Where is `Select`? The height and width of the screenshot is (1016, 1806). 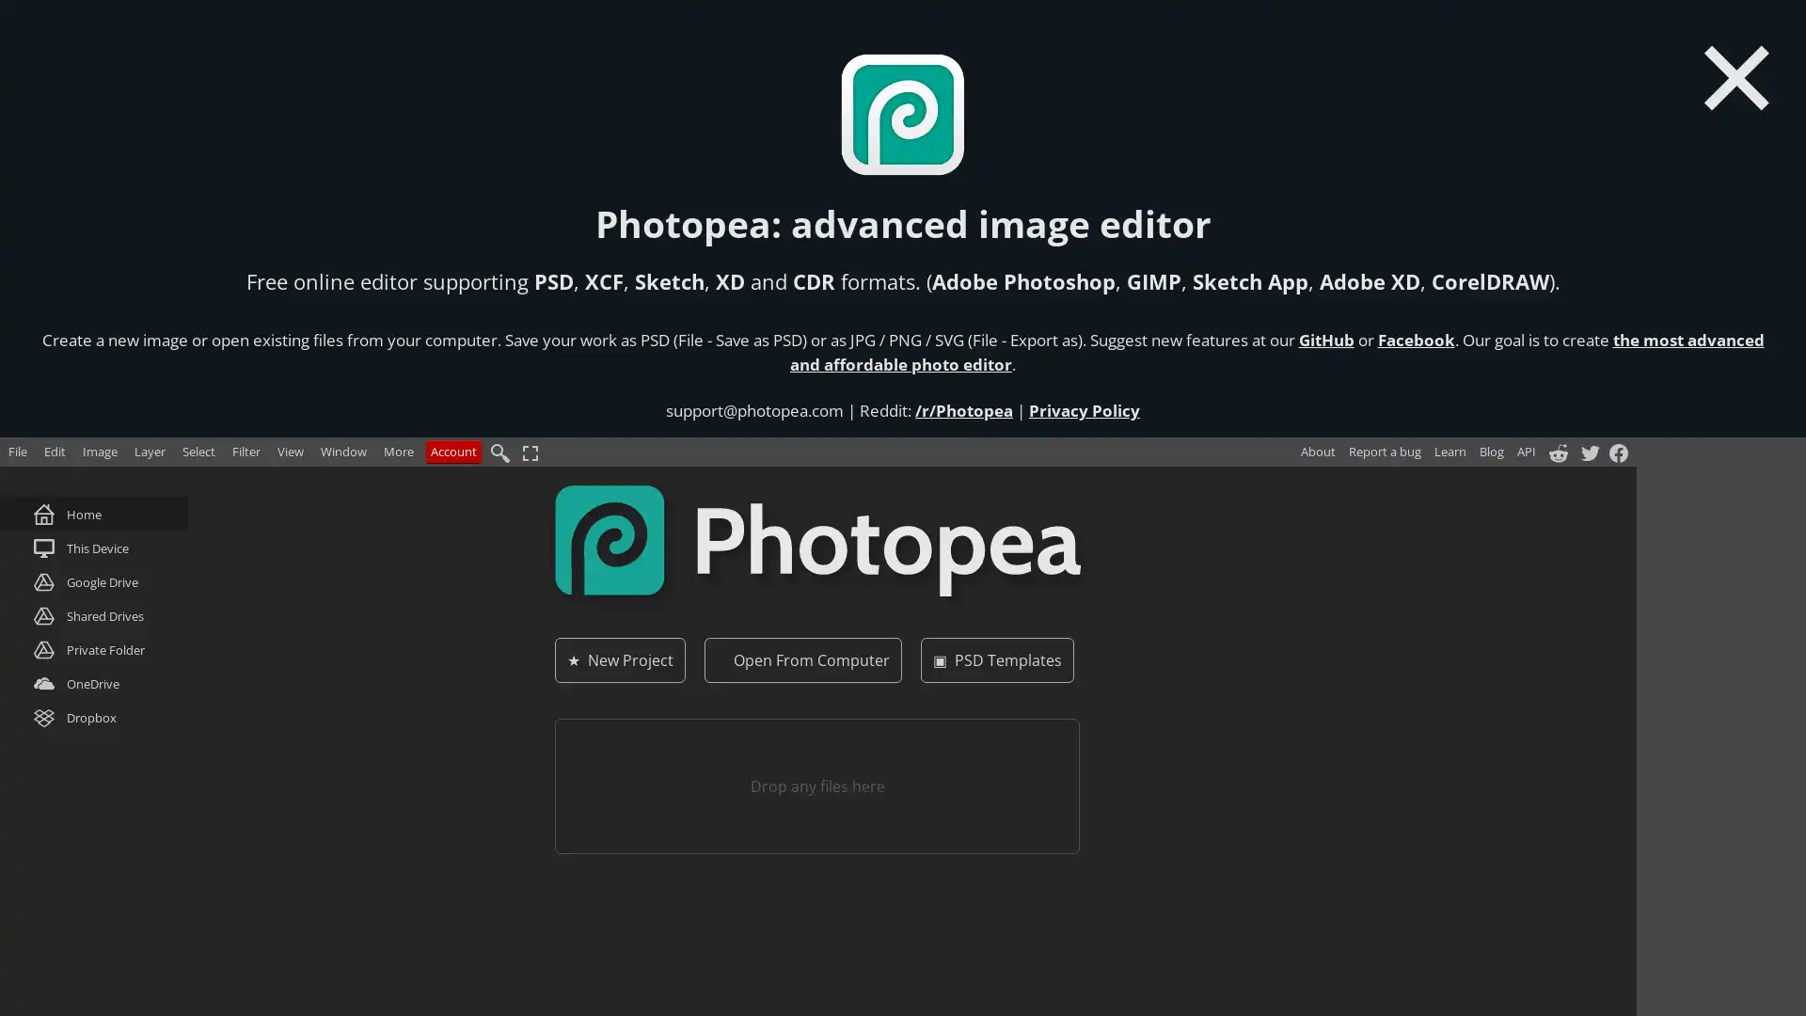
Select is located at coordinates (198, 14).